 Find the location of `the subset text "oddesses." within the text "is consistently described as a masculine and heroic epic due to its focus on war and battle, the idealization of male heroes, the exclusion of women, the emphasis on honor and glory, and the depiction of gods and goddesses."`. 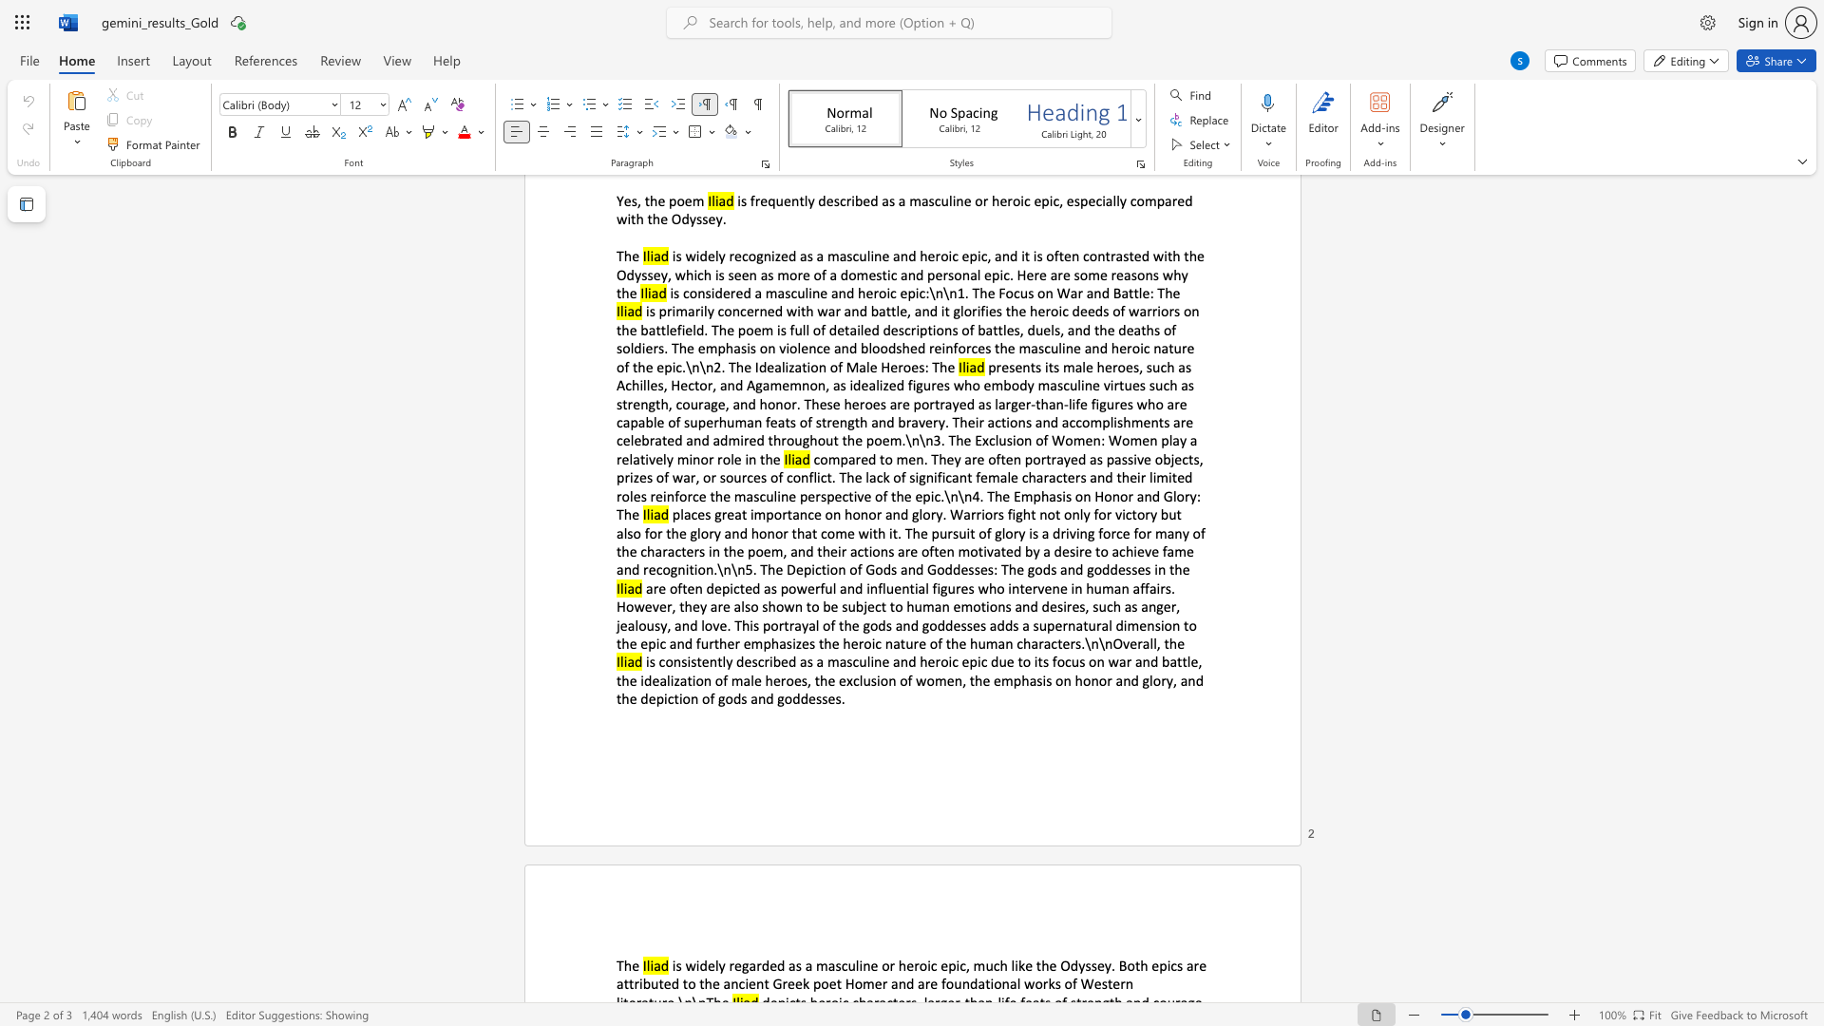

the subset text "oddesses." within the text "is consistently described as a masculine and heroic epic due to its focus on war and battle, the idealization of male heroes, the exclusion of women, the emphasis on honor and glory, and the depiction of gods and goddesses." is located at coordinates (784, 698).